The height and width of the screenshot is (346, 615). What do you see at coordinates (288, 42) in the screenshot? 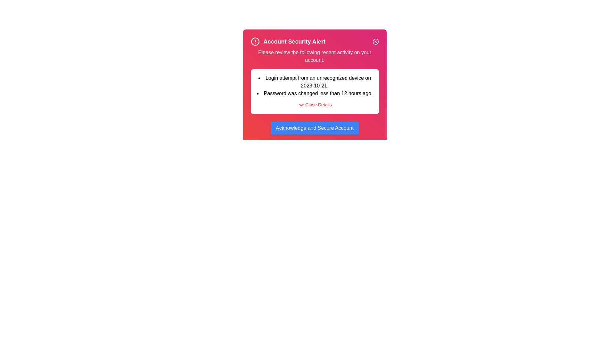
I see `the header-style text and icon combination element that serves as the title of the alert, located at the top-left corner of the alert box` at bounding box center [288, 42].